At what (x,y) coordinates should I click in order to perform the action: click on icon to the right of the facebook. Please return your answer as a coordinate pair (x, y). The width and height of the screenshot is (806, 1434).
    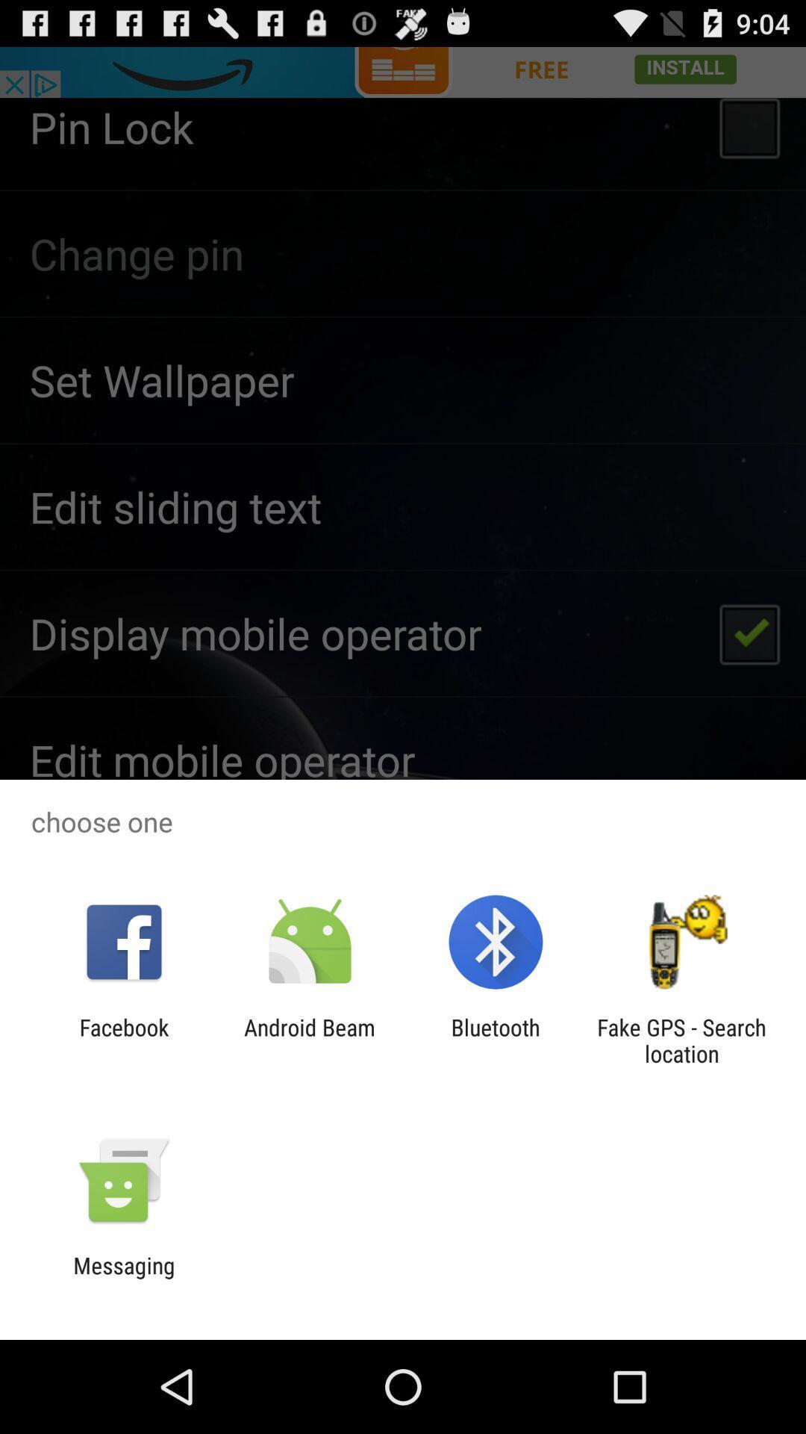
    Looking at the image, I should click on (309, 1040).